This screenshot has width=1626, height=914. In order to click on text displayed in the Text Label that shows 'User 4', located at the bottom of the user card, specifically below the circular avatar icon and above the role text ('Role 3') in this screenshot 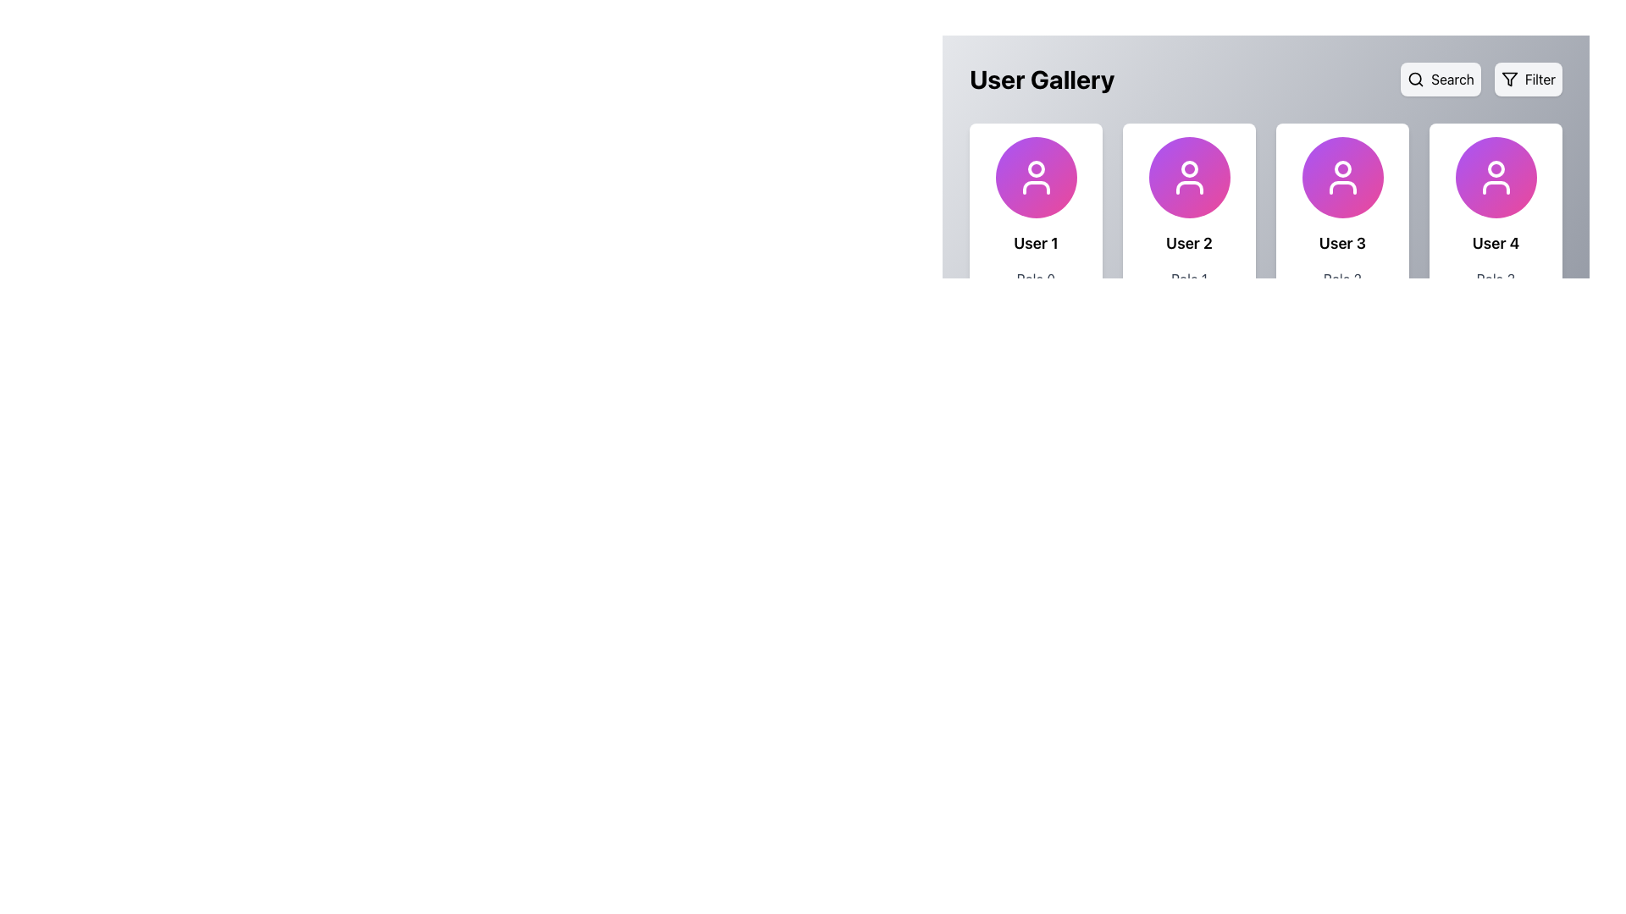, I will do `click(1496, 244)`.